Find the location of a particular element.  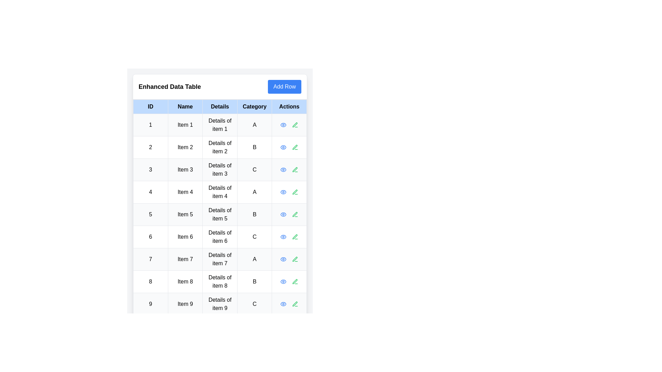

the icon button in the 'Actions' column for 'Item 6' is located at coordinates (283, 236).